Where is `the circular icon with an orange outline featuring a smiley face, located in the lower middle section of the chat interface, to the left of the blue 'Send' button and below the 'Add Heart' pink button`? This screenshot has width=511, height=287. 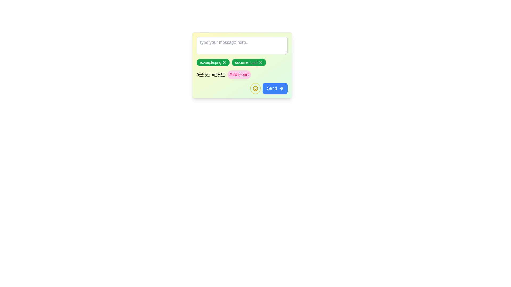 the circular icon with an orange outline featuring a smiley face, located in the lower middle section of the chat interface, to the left of the blue 'Send' button and below the 'Add Heart' pink button is located at coordinates (256, 88).